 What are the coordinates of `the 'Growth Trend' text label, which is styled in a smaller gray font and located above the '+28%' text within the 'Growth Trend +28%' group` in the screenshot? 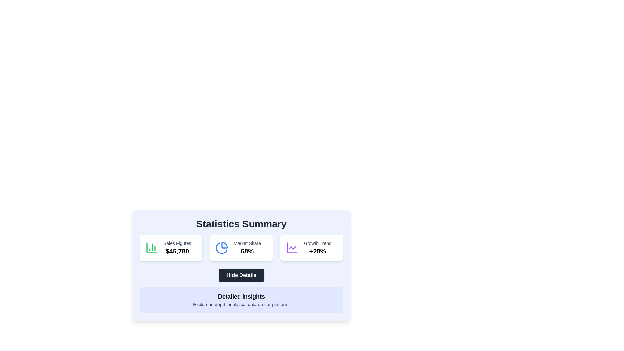 It's located at (318, 243).